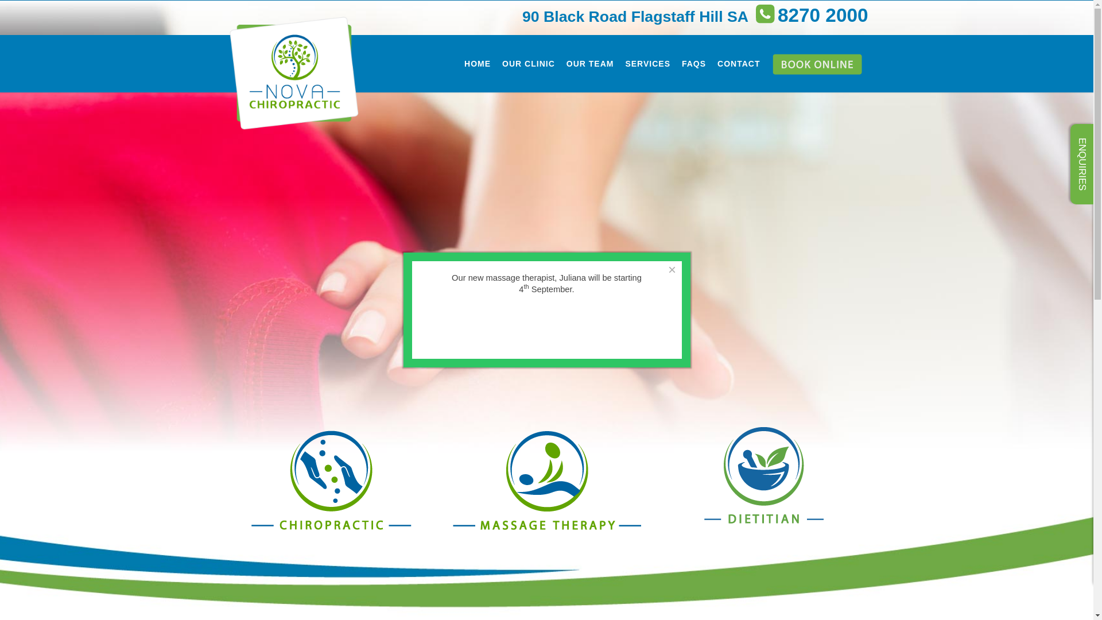  What do you see at coordinates (693, 64) in the screenshot?
I see `'FAQS'` at bounding box center [693, 64].